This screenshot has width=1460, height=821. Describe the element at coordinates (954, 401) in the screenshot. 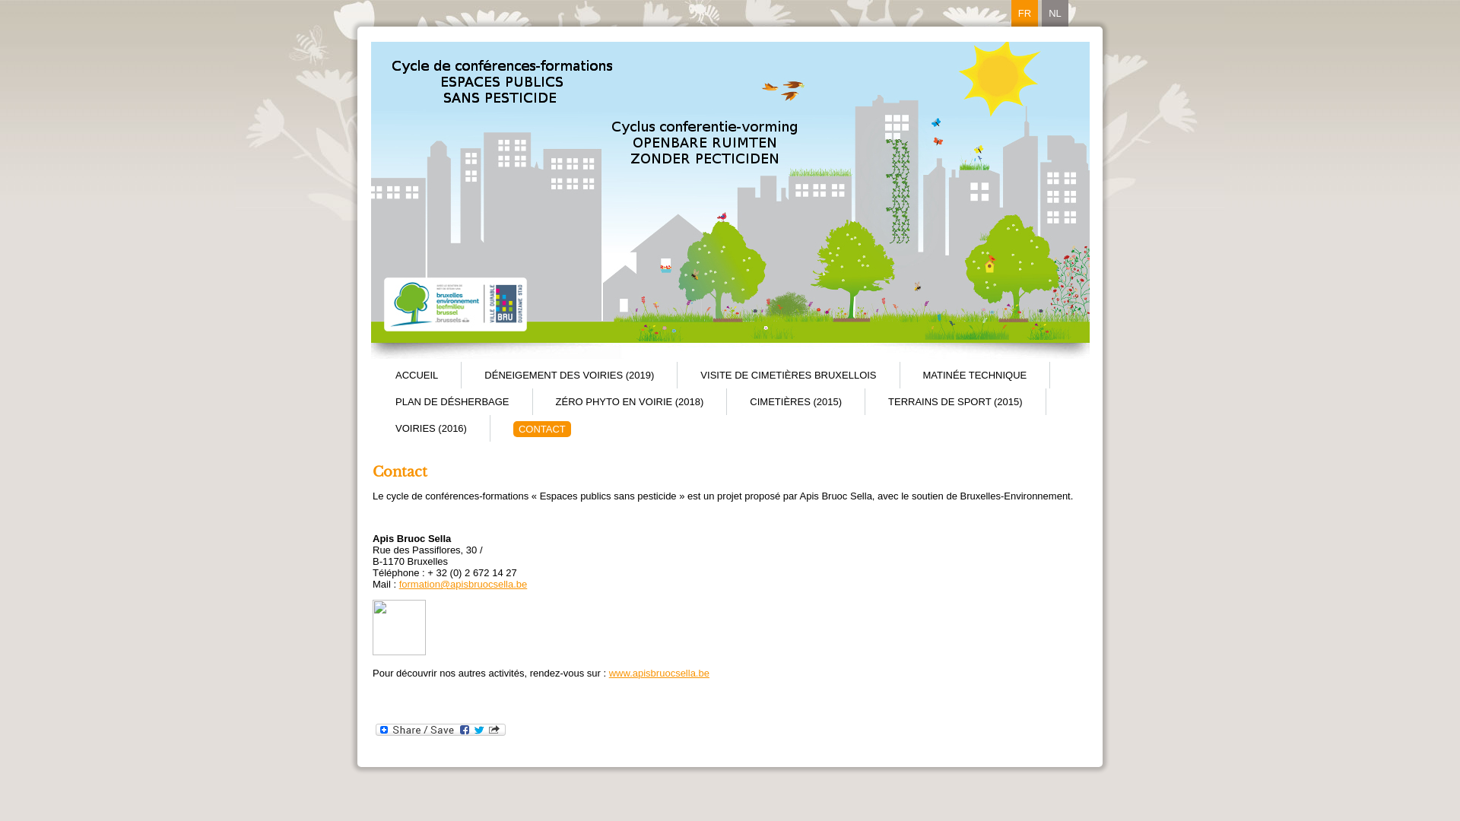

I see `'TERRAINS DE SPORT (2015)'` at that location.